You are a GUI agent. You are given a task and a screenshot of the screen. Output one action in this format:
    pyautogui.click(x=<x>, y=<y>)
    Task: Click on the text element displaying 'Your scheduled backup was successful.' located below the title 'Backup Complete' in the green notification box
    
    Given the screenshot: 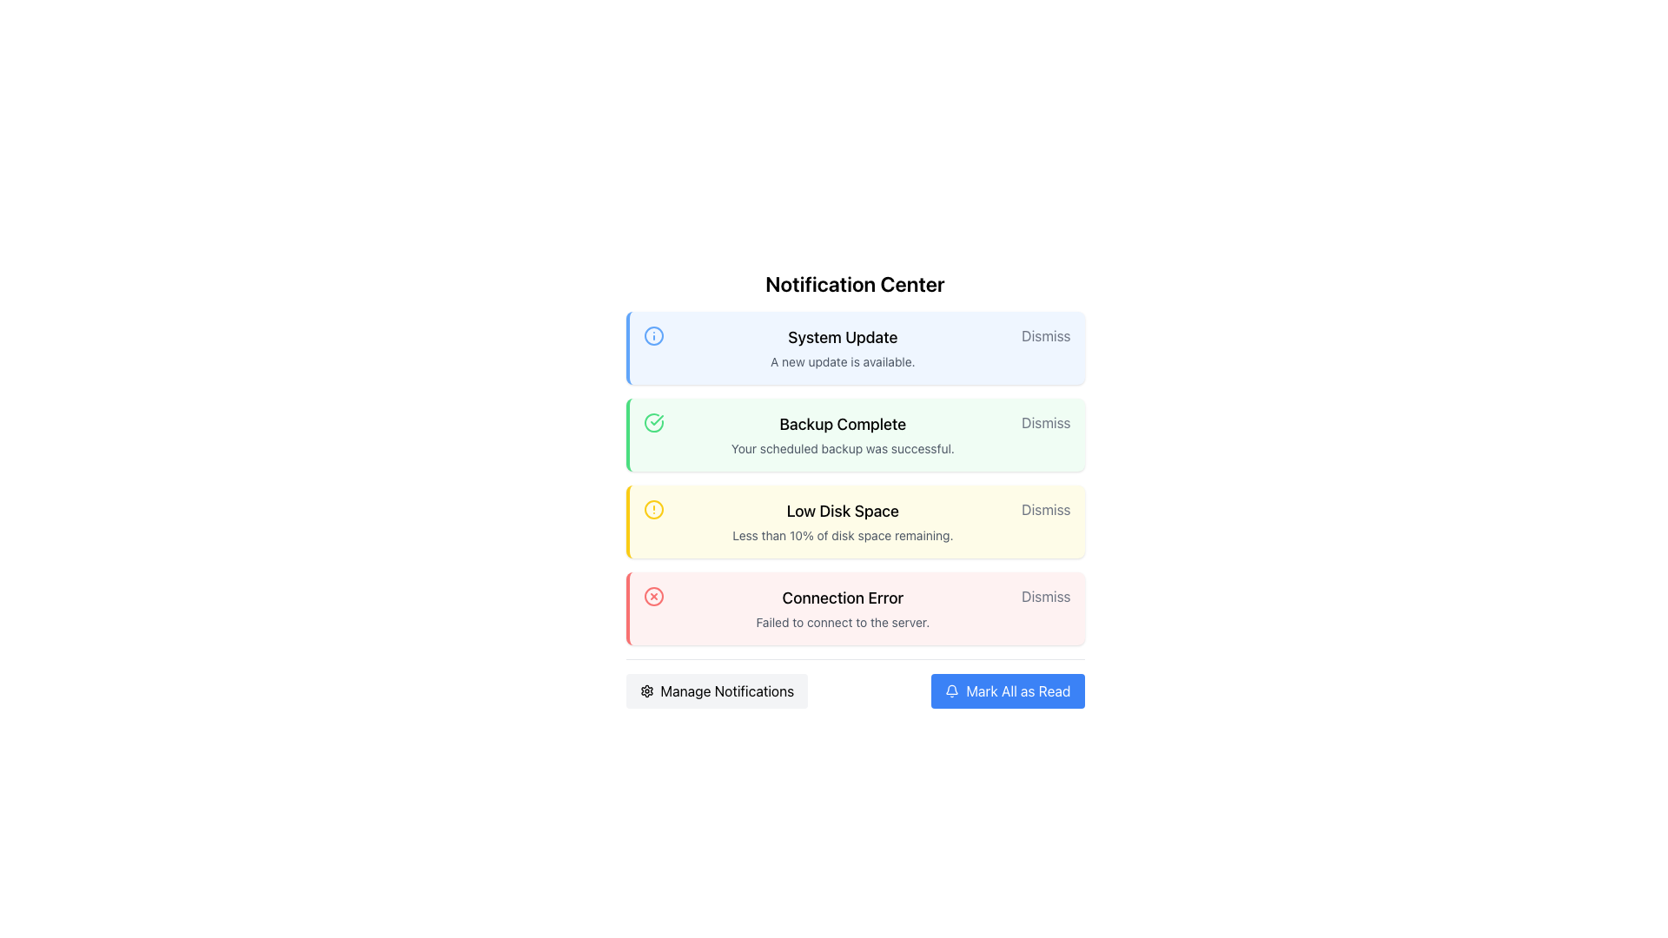 What is the action you would take?
    pyautogui.click(x=843, y=447)
    